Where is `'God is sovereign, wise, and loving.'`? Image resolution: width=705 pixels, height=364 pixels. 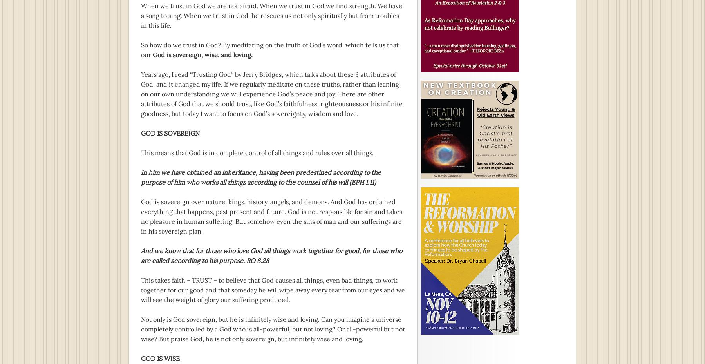
'God is sovereign, wise, and loving.' is located at coordinates (202, 55).